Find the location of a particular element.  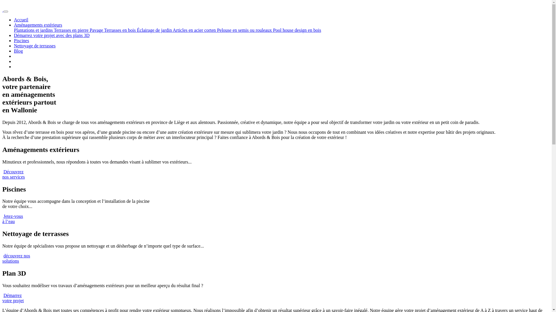

'Piscines' is located at coordinates (21, 40).